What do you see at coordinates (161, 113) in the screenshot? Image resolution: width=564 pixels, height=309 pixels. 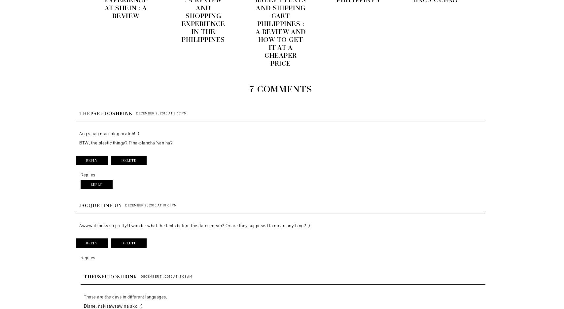 I see `'December 9, 2015 at 8:47 PM'` at bounding box center [161, 113].